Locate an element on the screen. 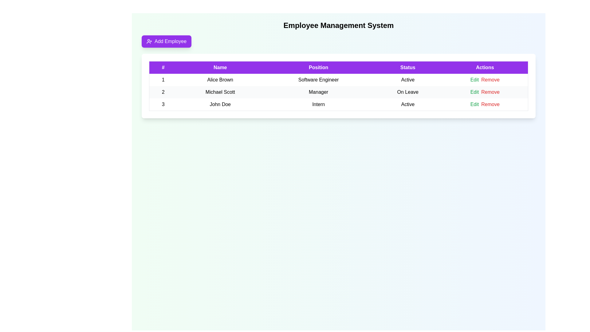 The width and height of the screenshot is (590, 332). text label displaying 'Alice Brown' located in the second column under the 'Name' header of the table is located at coordinates (220, 79).